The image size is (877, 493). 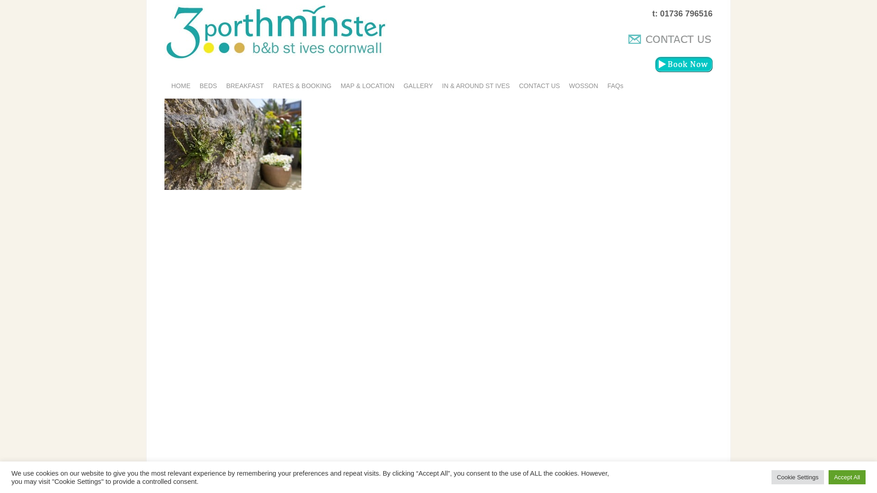 I want to click on 'WOSSON', so click(x=564, y=86).